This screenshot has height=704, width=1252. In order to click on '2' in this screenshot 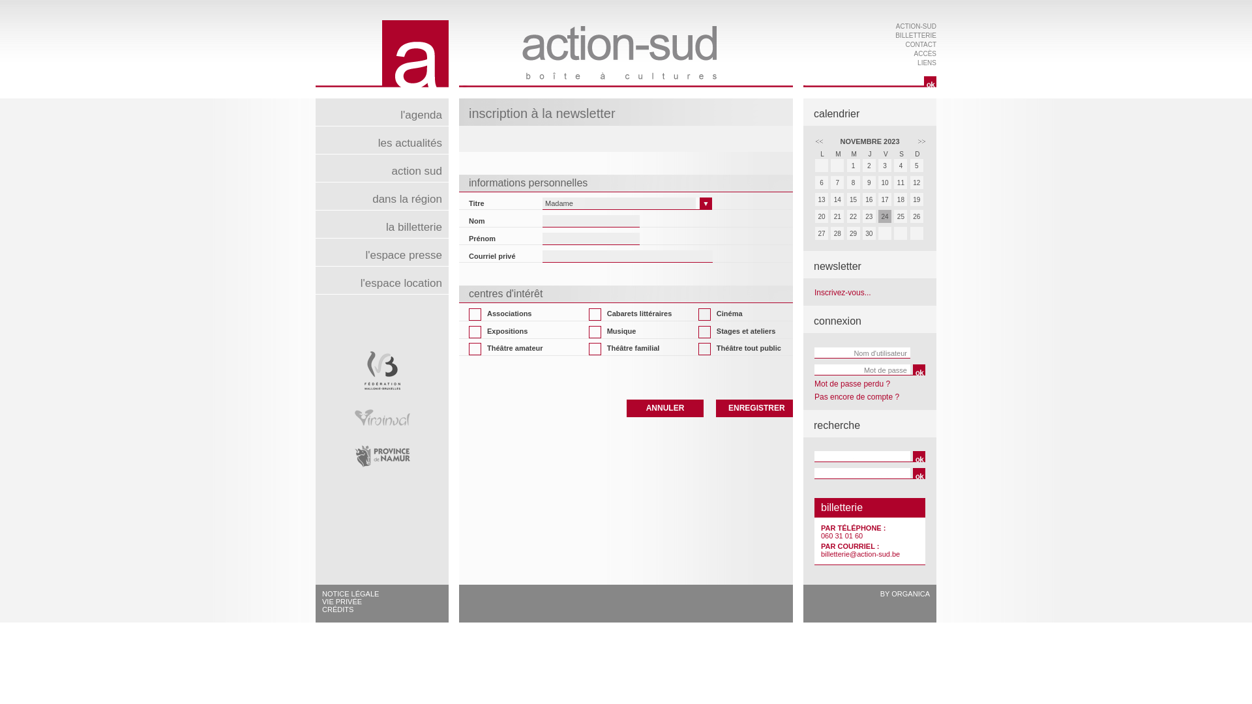, I will do `click(869, 165)`.